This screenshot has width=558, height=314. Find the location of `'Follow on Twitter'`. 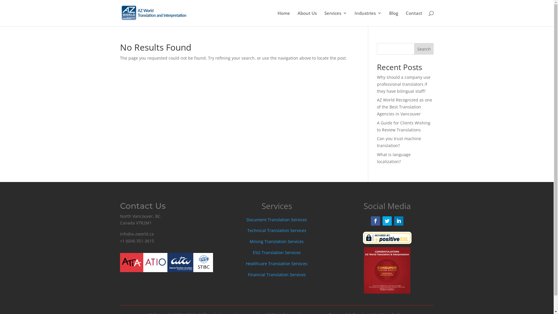

'Follow on Twitter' is located at coordinates (382, 221).